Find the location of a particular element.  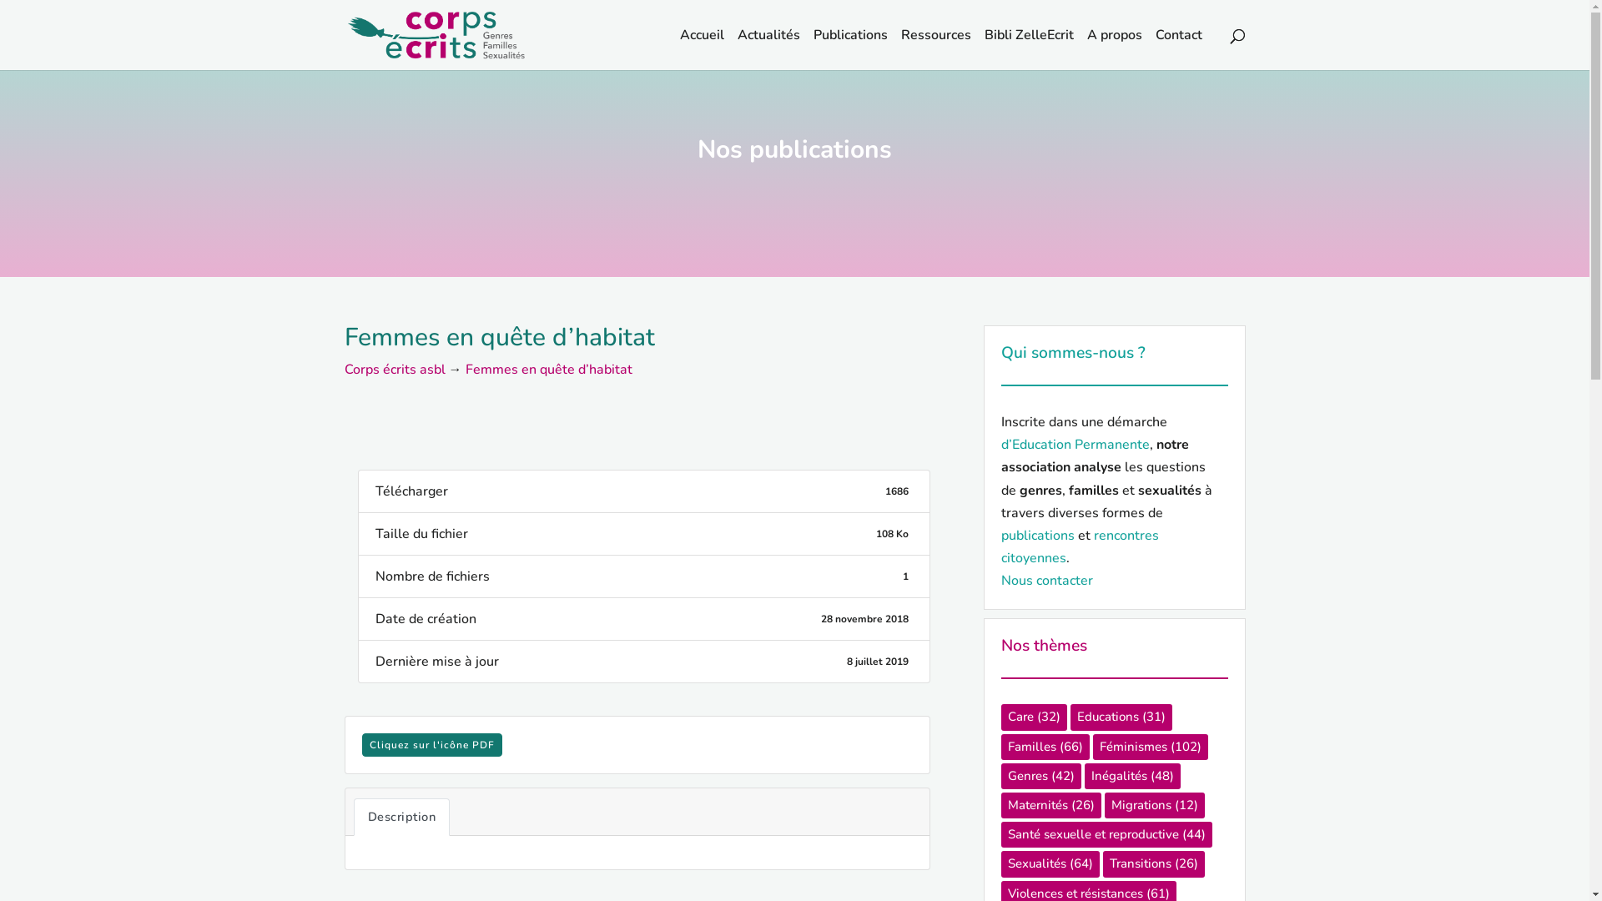

'Care (32)' is located at coordinates (1033, 716).